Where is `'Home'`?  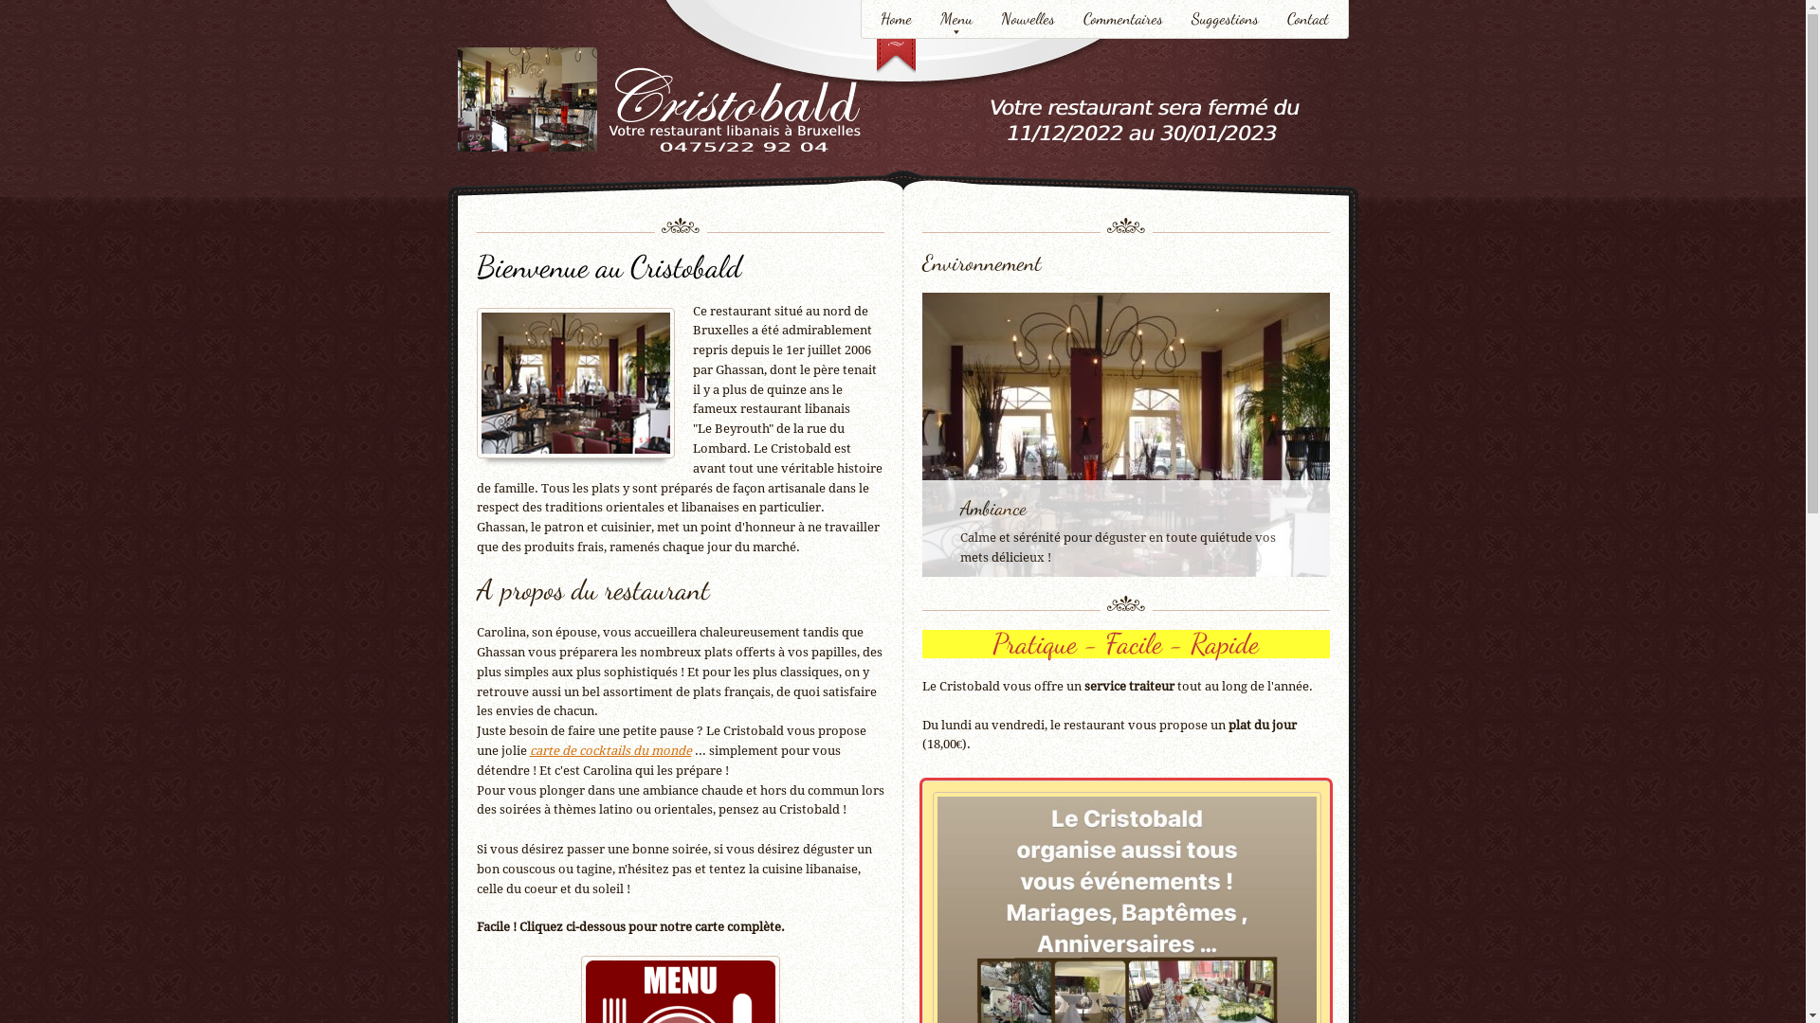 'Home' is located at coordinates (895, 21).